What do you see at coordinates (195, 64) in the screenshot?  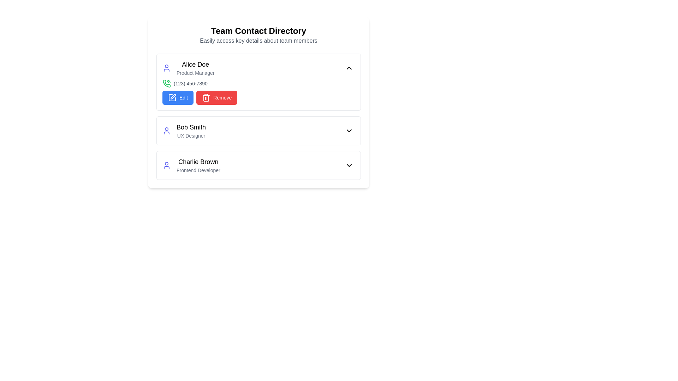 I see `text label 'Alice Doe' which represents the name of the first team member in the contact directory` at bounding box center [195, 64].